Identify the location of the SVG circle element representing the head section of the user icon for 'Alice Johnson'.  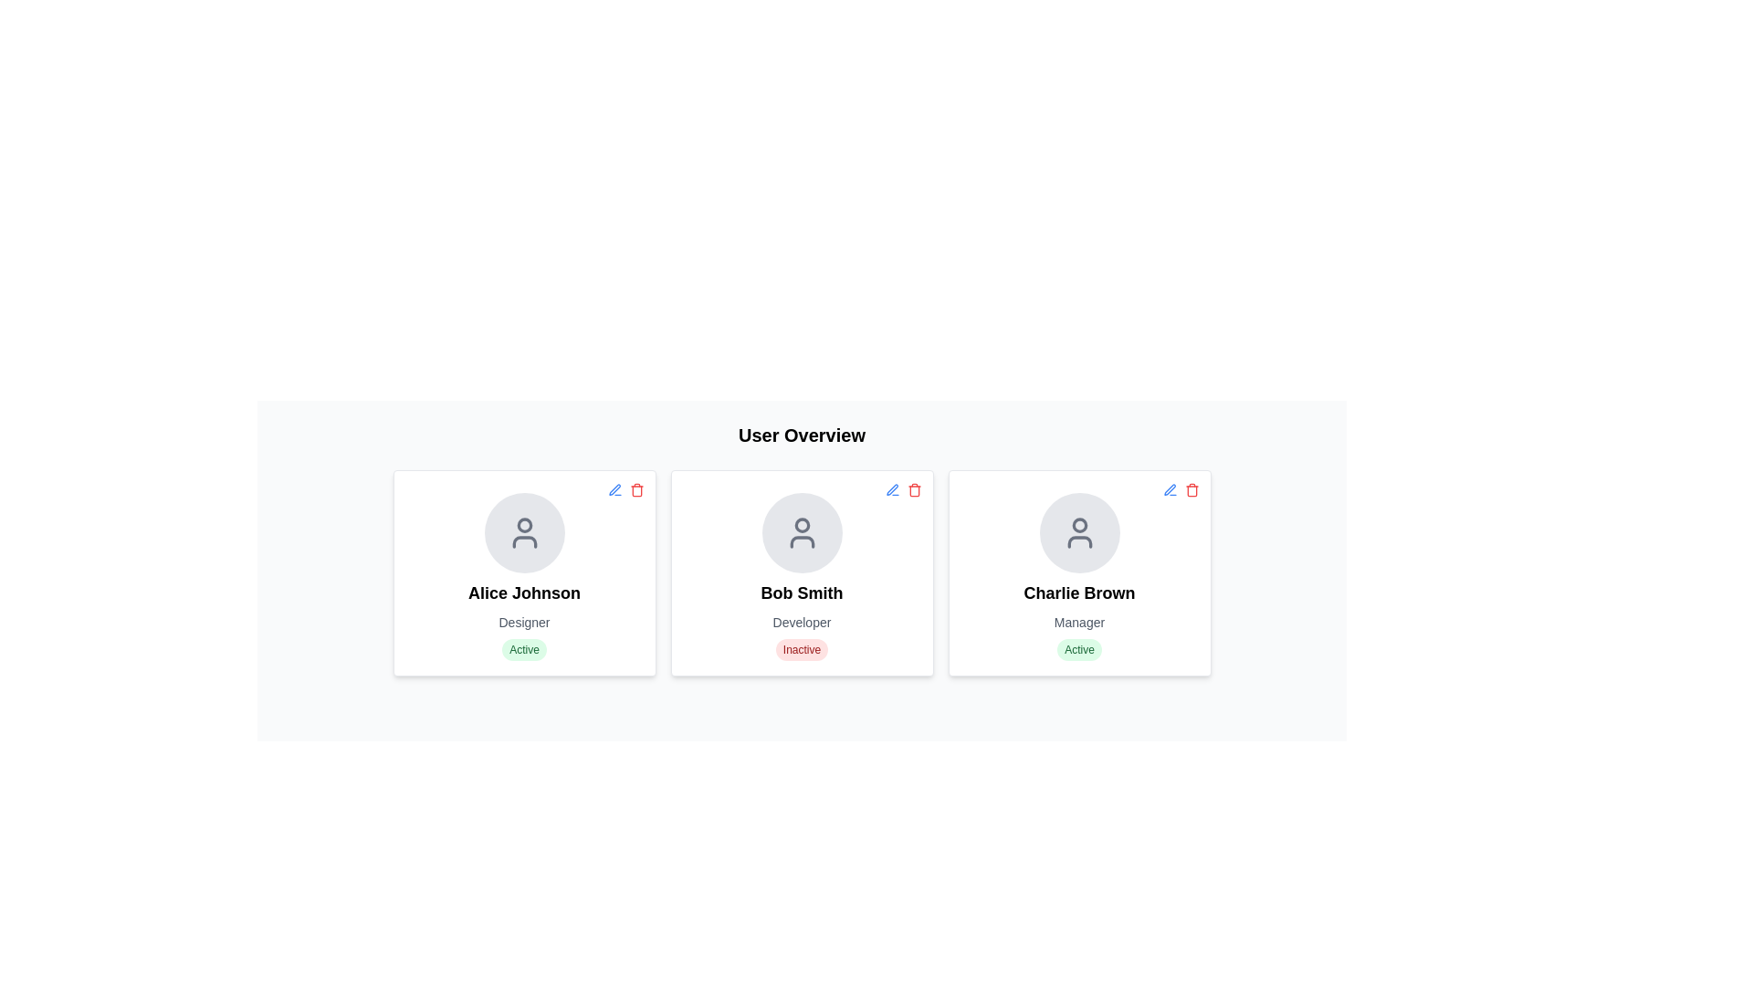
(523, 525).